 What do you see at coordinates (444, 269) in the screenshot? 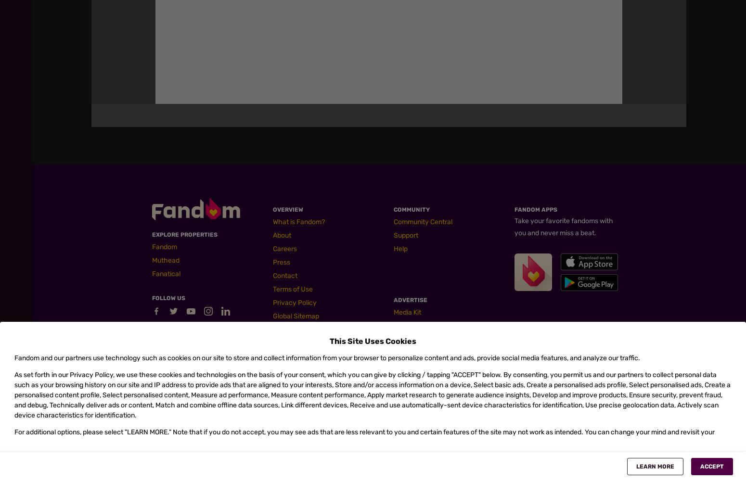
I see `'Do Not Sell or Share My Personal Information'` at bounding box center [444, 269].